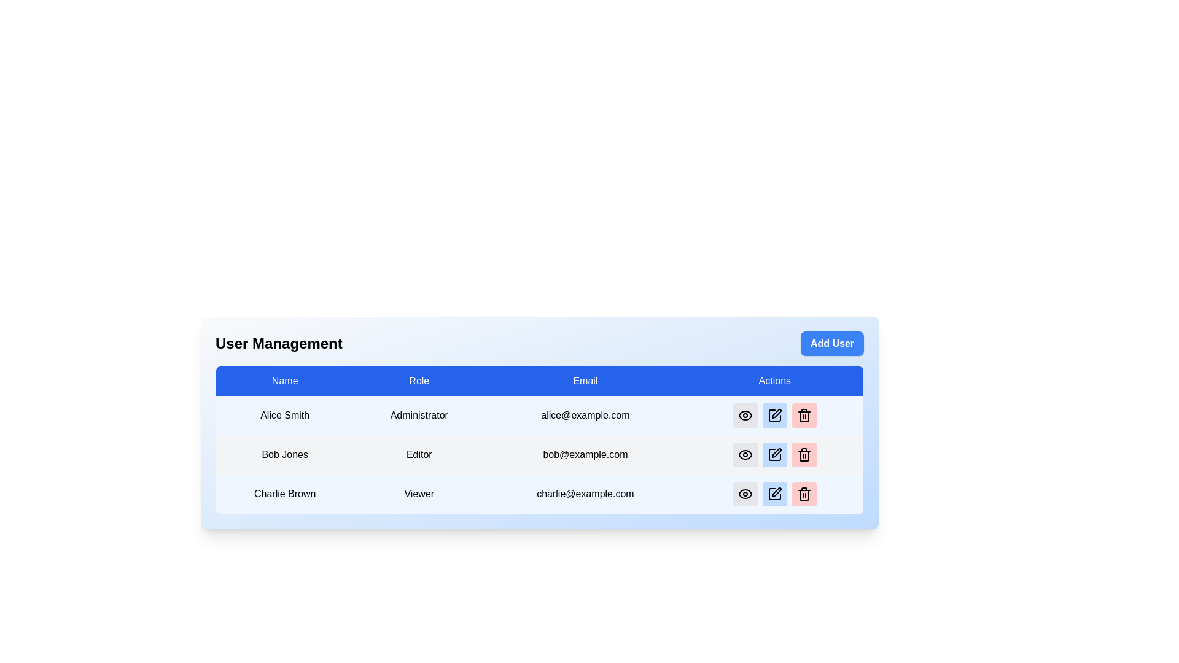 The image size is (1179, 663). Describe the element at coordinates (419, 415) in the screenshot. I see `the table cell displaying the role designation for the user named 'Alice Smith', which is located in the second column of the first data row under the 'User Management' section` at that location.